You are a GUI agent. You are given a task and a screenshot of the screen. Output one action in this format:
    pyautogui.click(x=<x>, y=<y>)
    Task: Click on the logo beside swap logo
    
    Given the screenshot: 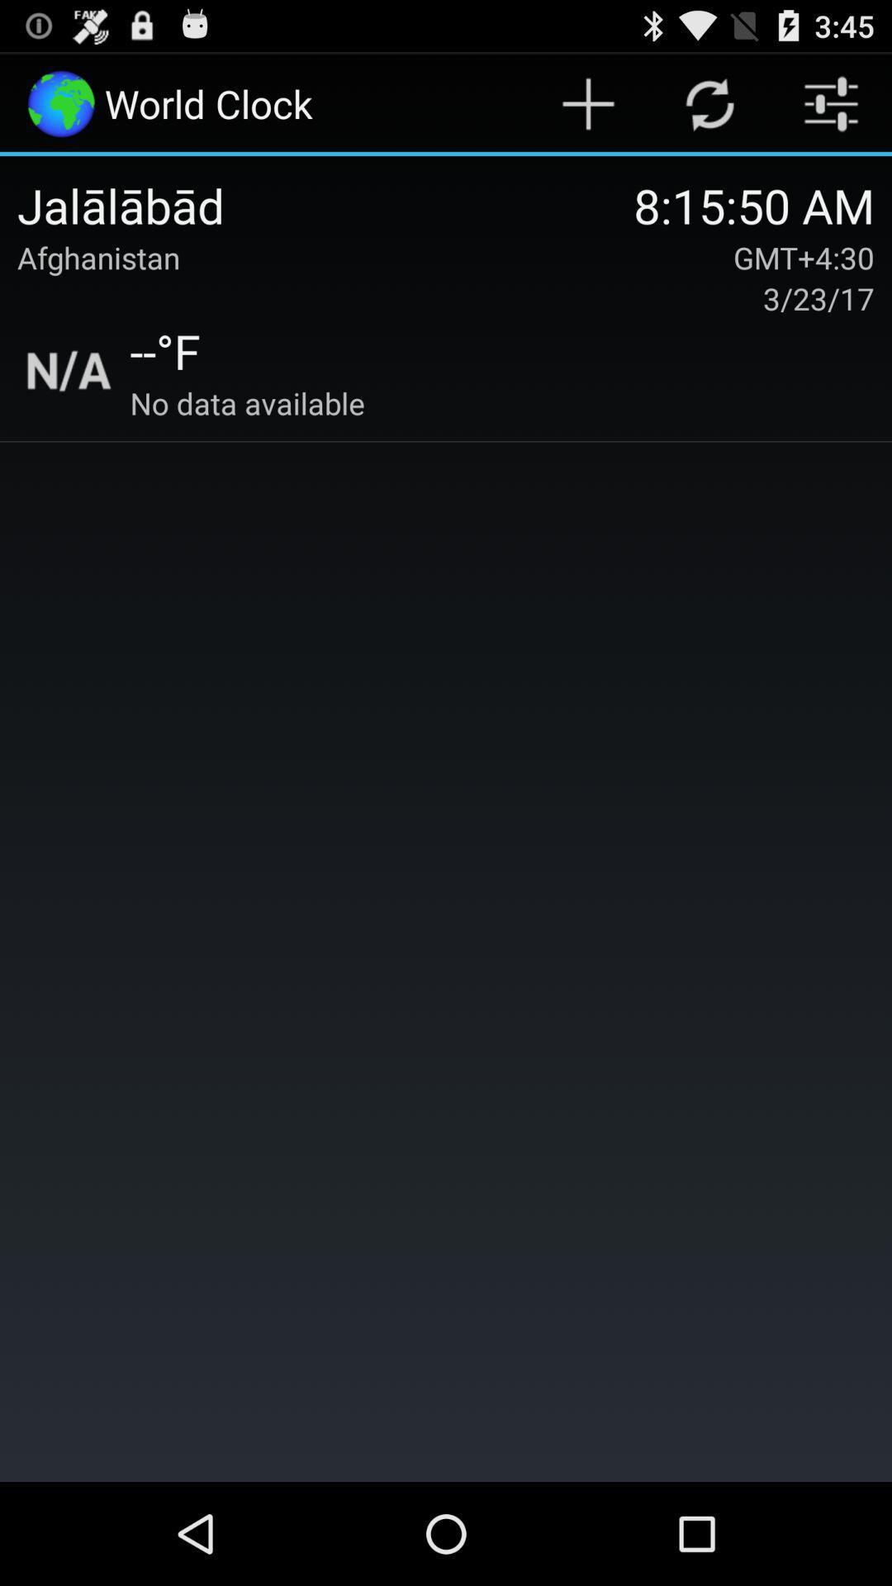 What is the action you would take?
    pyautogui.click(x=587, y=102)
    